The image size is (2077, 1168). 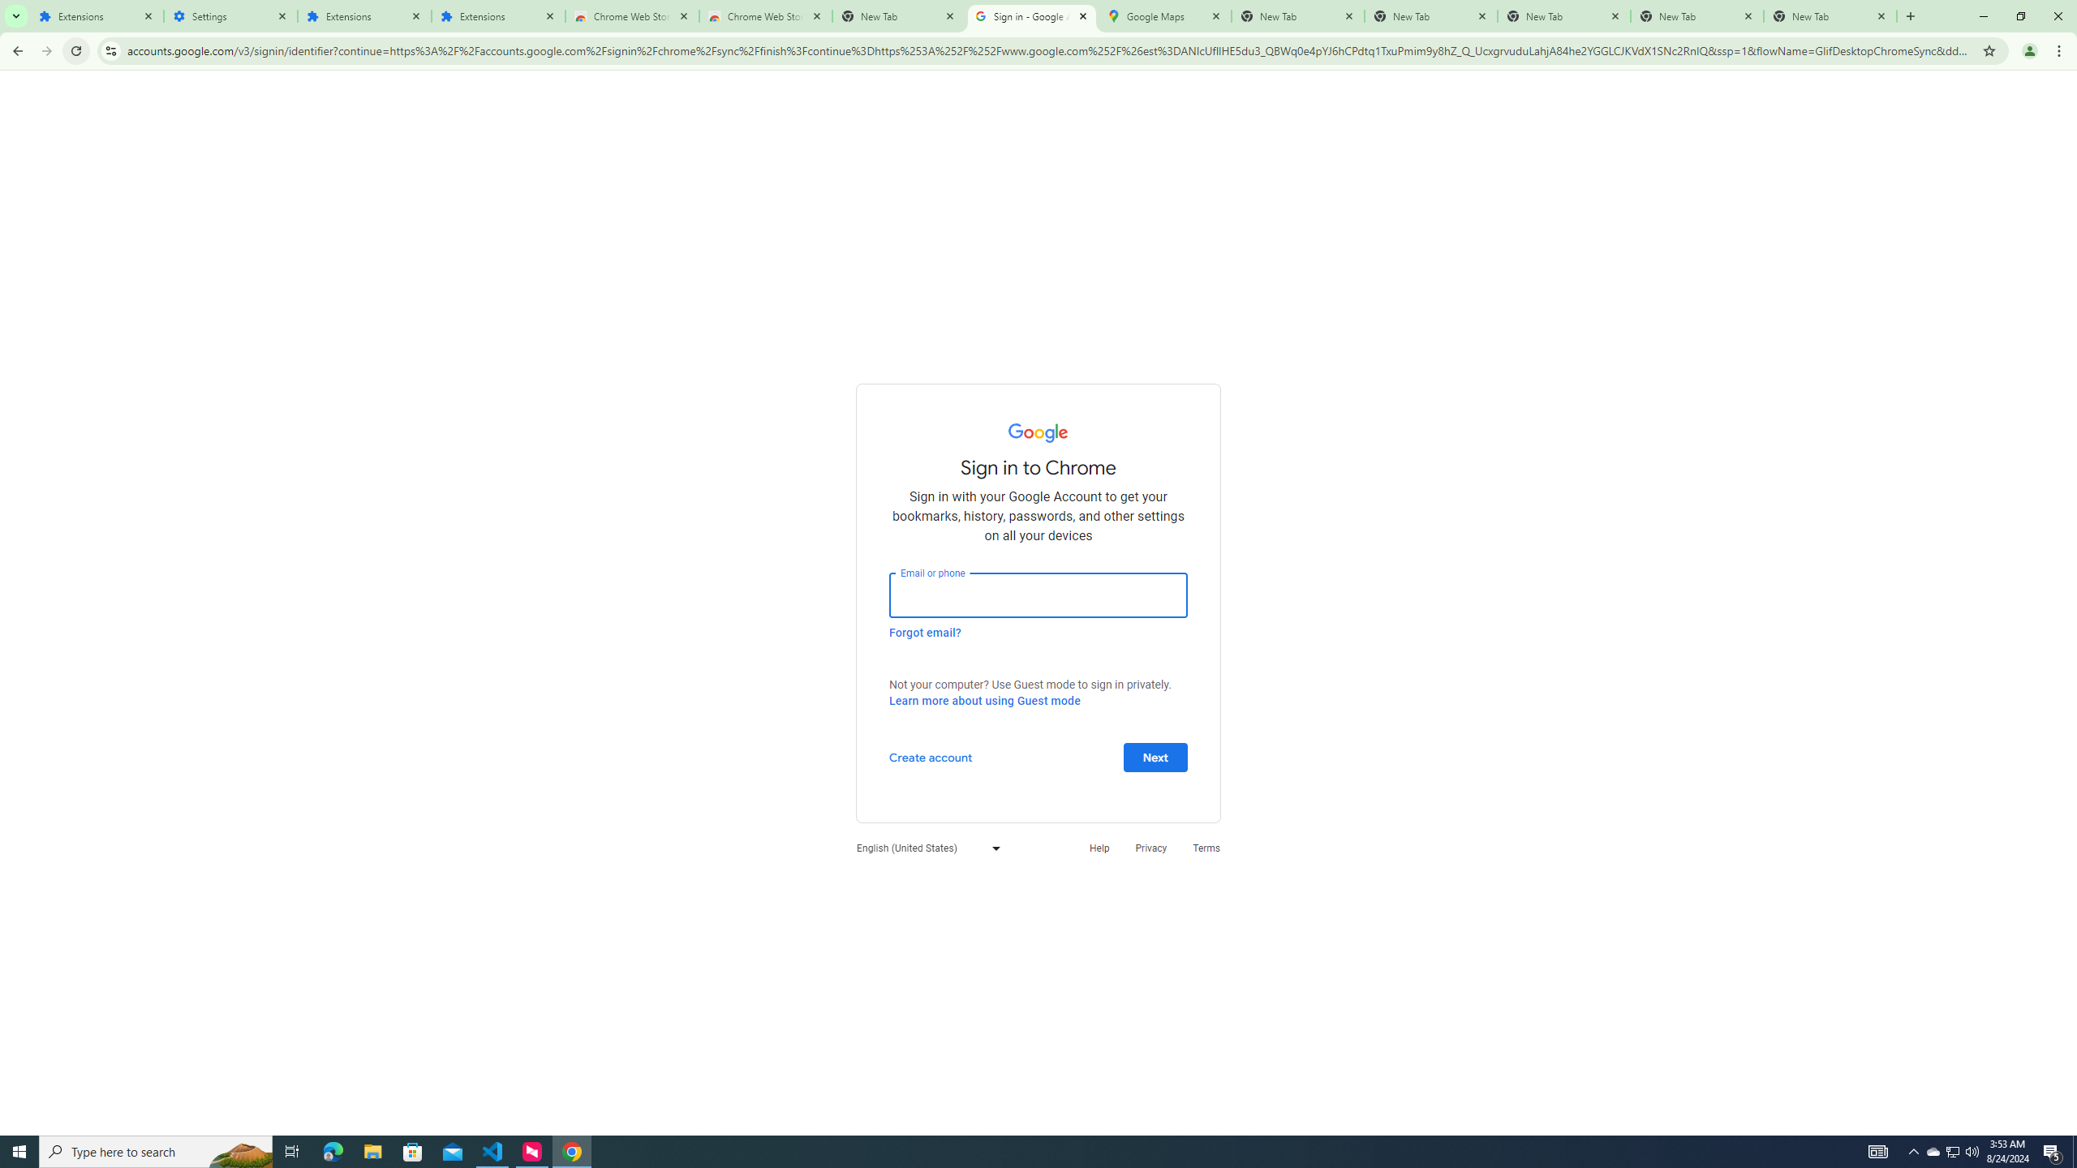 What do you see at coordinates (929, 756) in the screenshot?
I see `'Create account'` at bounding box center [929, 756].